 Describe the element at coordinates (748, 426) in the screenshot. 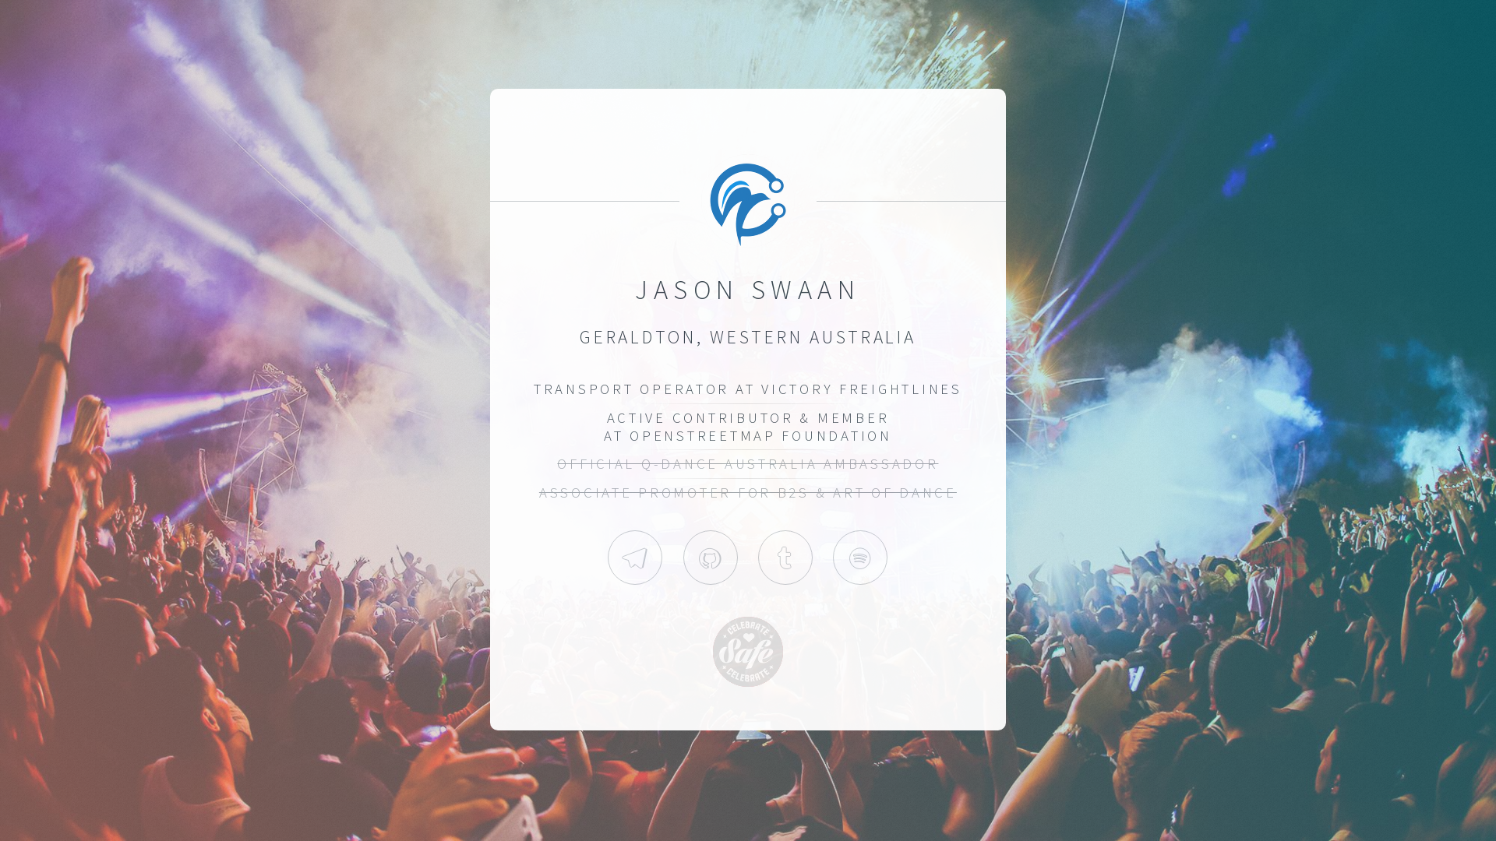

I see `'ACTIVE CONTRIBUTOR & MEMBER` at that location.